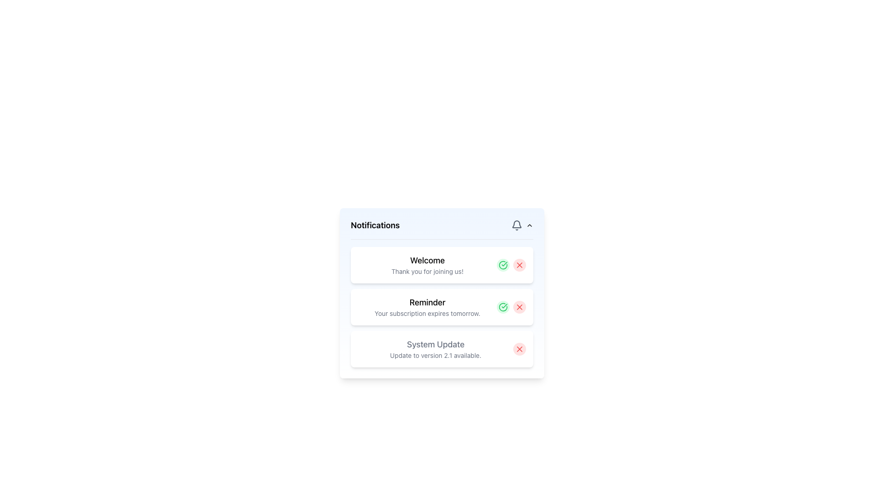 The width and height of the screenshot is (876, 493). Describe the element at coordinates (427, 313) in the screenshot. I see `the static text label that conveys the subscription expiration message, which is located within the 'Reminder' notification card, below the 'Reminder' header text` at that location.